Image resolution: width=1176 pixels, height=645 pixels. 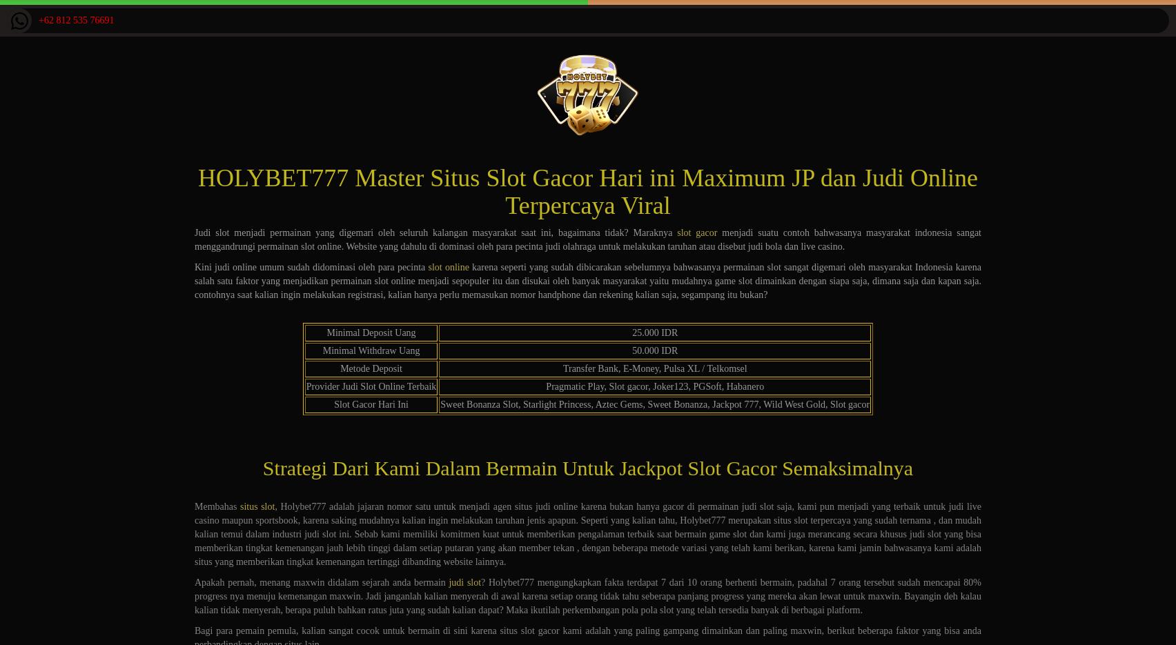 What do you see at coordinates (435, 232) in the screenshot?
I see `'Judi slot menjadi permainan yang digemari oleh seluruh kalangan masyarakat saat ini, bagaimana tidak? Maraknya'` at bounding box center [435, 232].